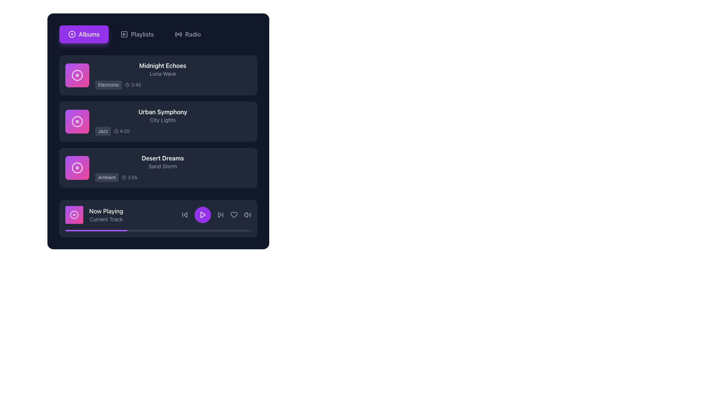 The height and width of the screenshot is (403, 717). Describe the element at coordinates (158, 75) in the screenshot. I see `the first audio track entry` at that location.